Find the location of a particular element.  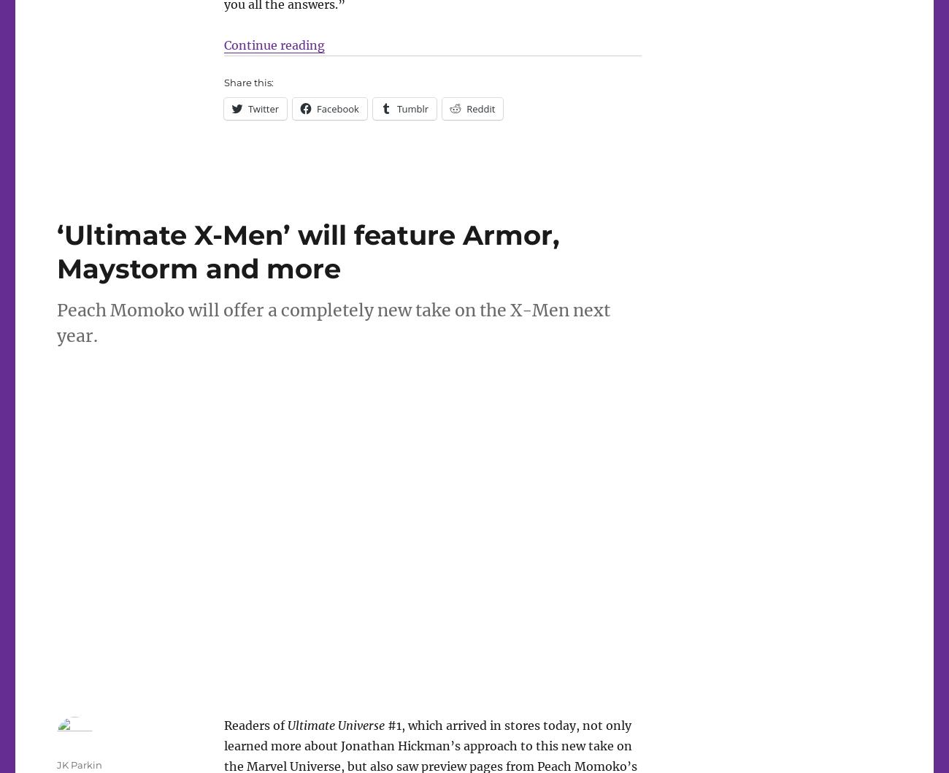

'Ultimate Universe' is located at coordinates (334, 723).